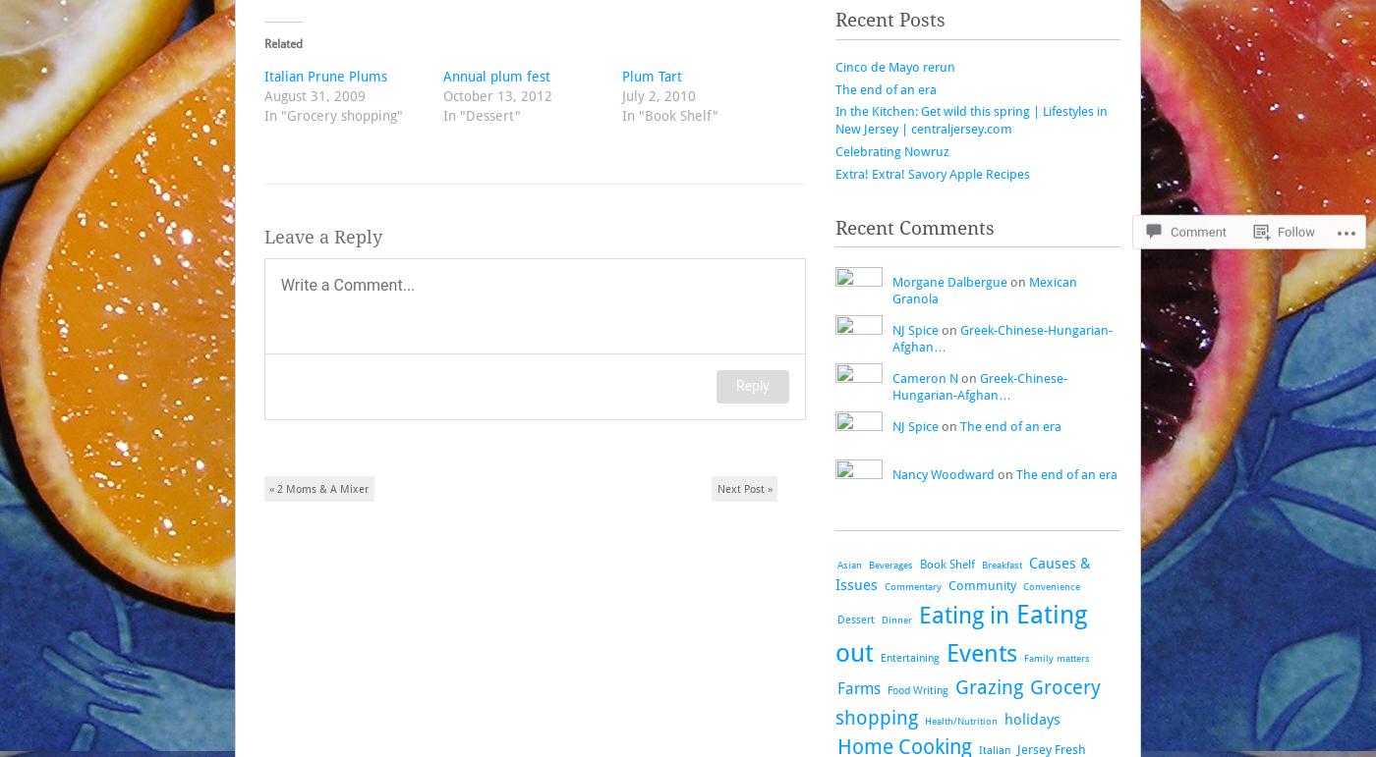 This screenshot has height=757, width=1376. I want to click on 'Post navigation', so click(262, 486).